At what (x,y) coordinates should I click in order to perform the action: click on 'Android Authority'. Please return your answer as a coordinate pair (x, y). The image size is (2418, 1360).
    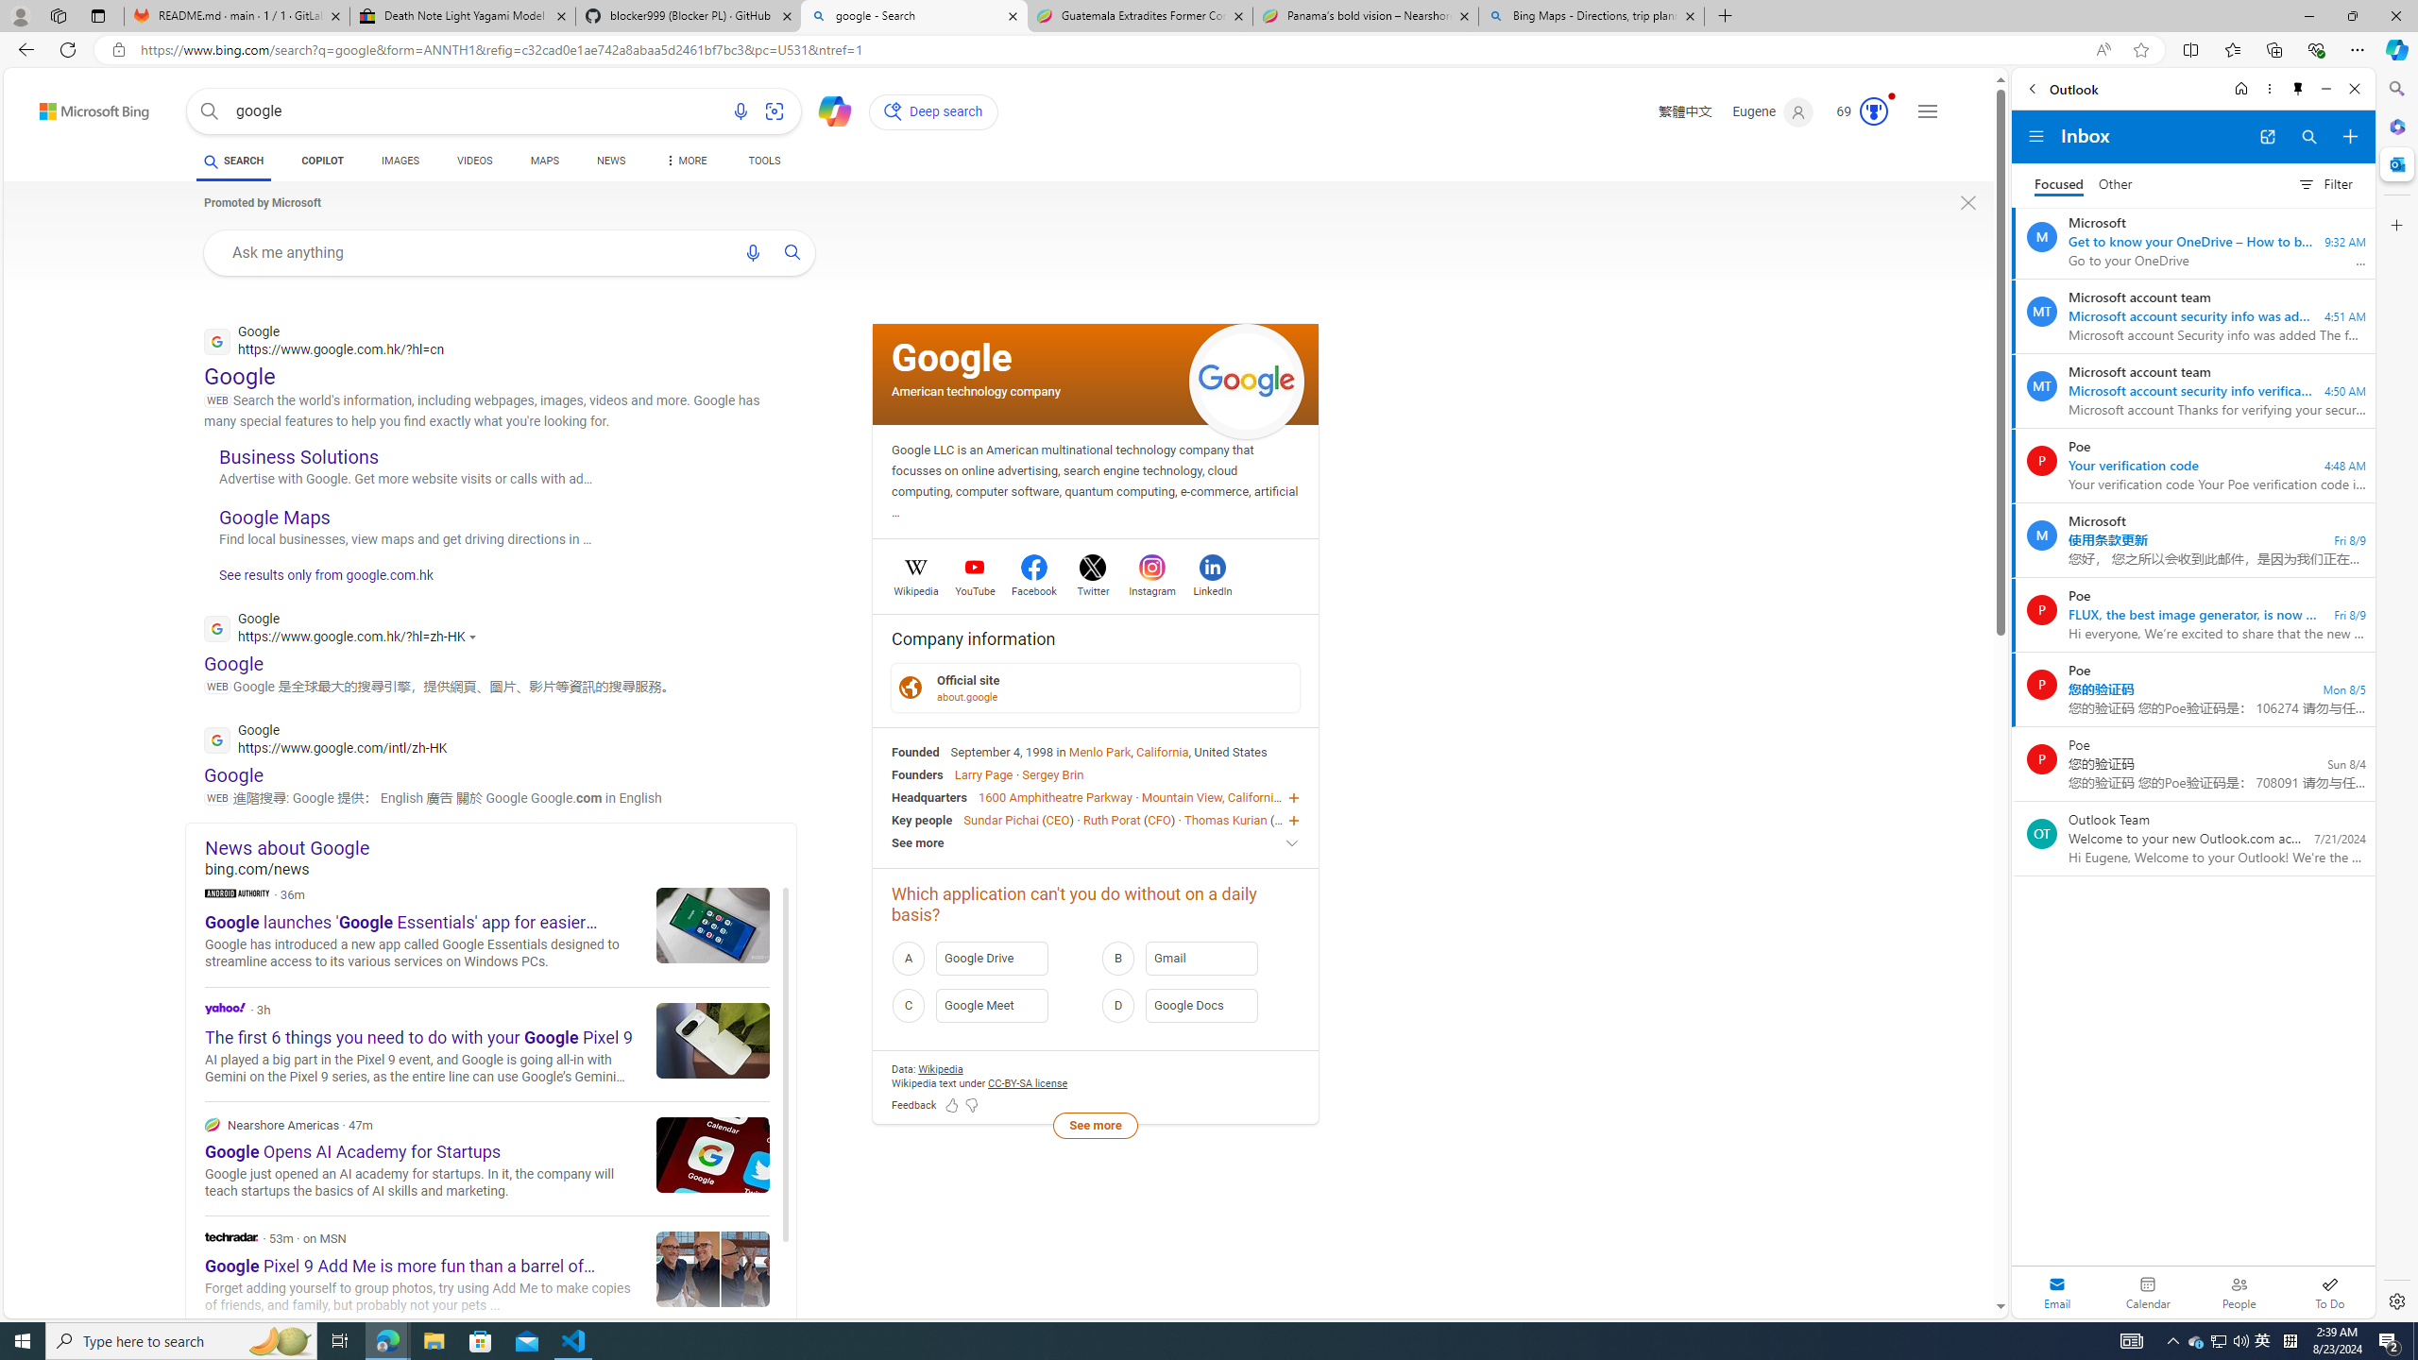
    Looking at the image, I should click on (235, 892).